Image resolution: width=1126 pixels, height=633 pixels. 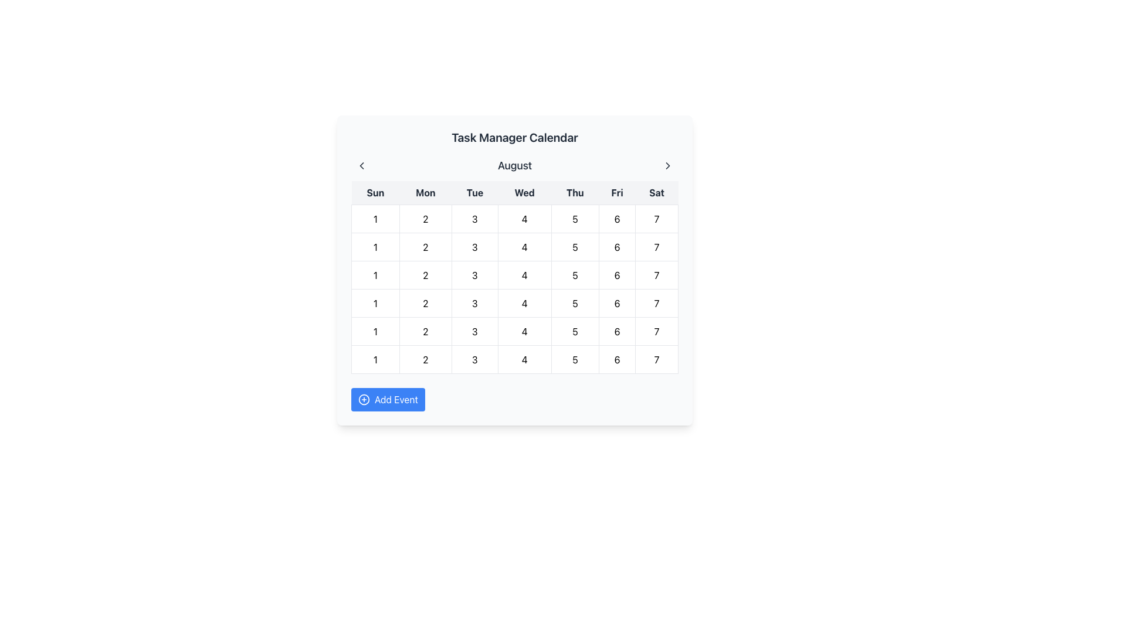 I want to click on the square-shaped calendar grid cell displaying the text '6', located in the bottom row under the 'Fri' column, so click(x=616, y=331).